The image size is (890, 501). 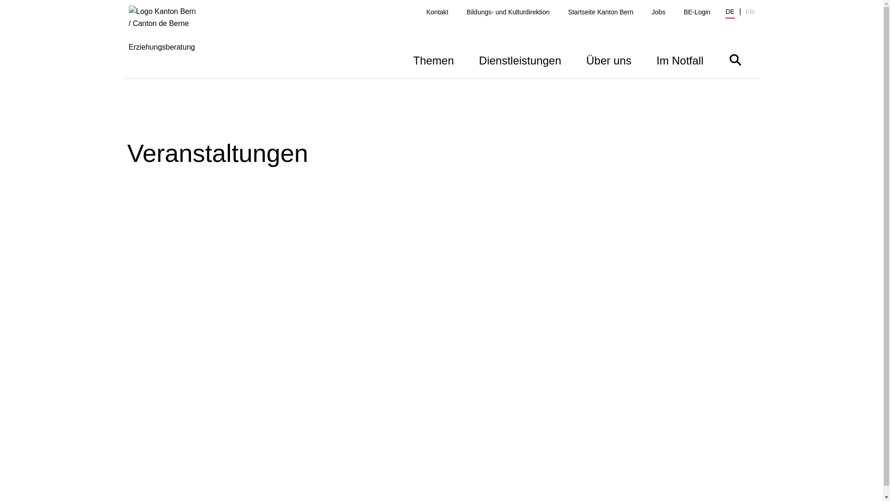 I want to click on 'Erziehungsberatung', so click(x=169, y=41).